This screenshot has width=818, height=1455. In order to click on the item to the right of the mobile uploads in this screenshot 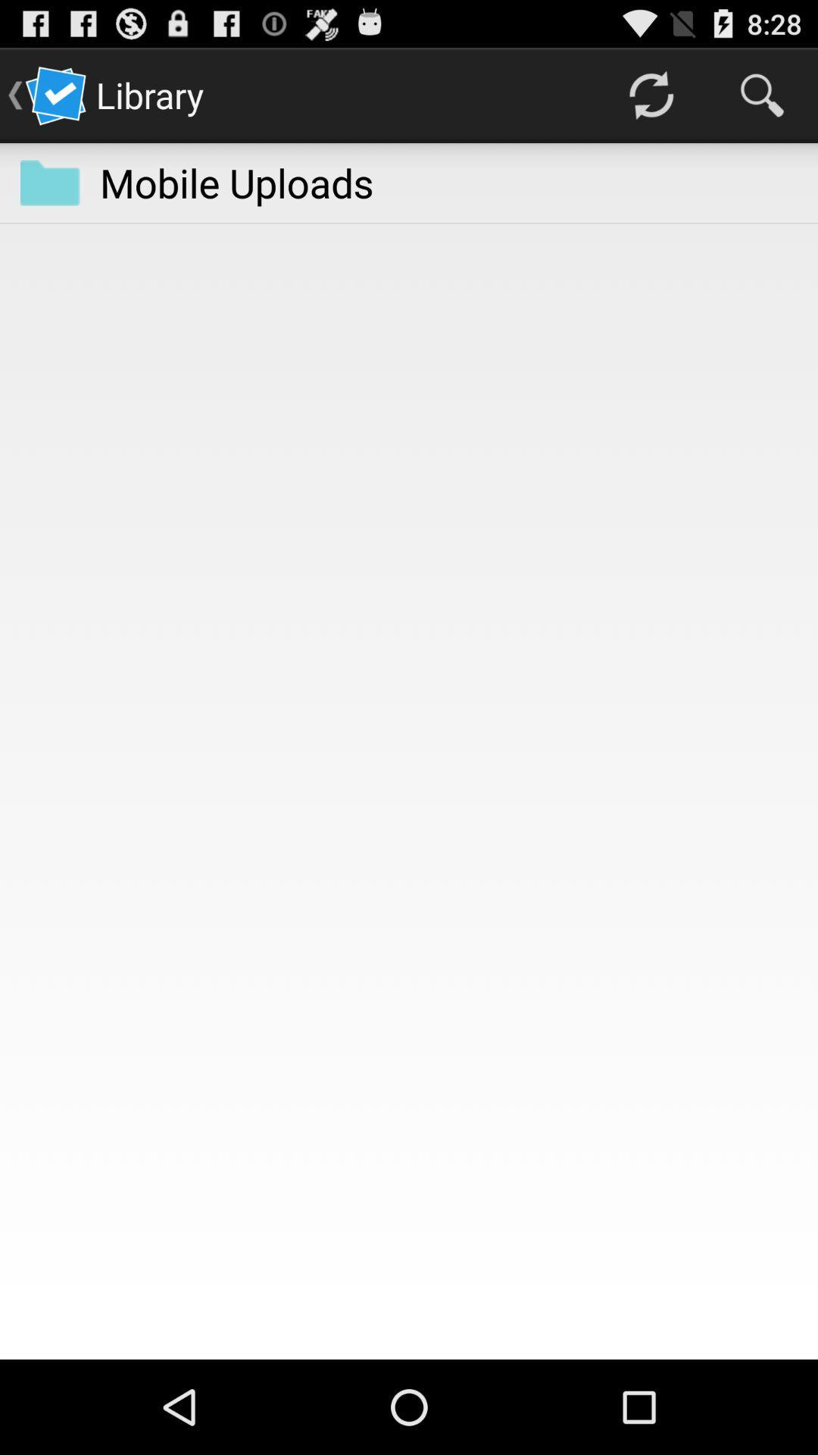, I will do `click(650, 94)`.